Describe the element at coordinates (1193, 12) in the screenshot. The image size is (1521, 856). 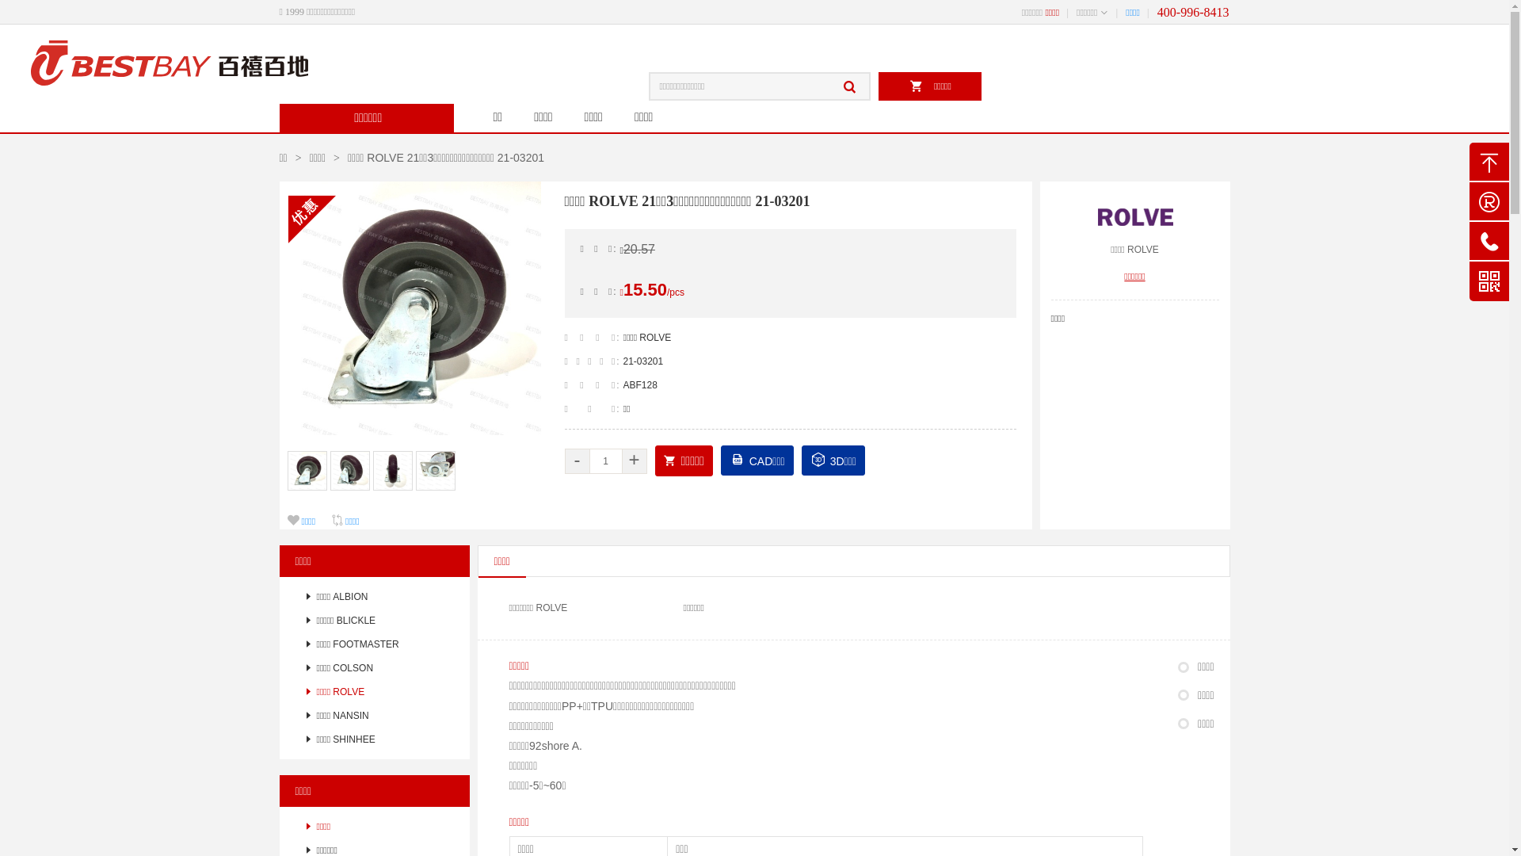
I see `'400-996-8413'` at that location.